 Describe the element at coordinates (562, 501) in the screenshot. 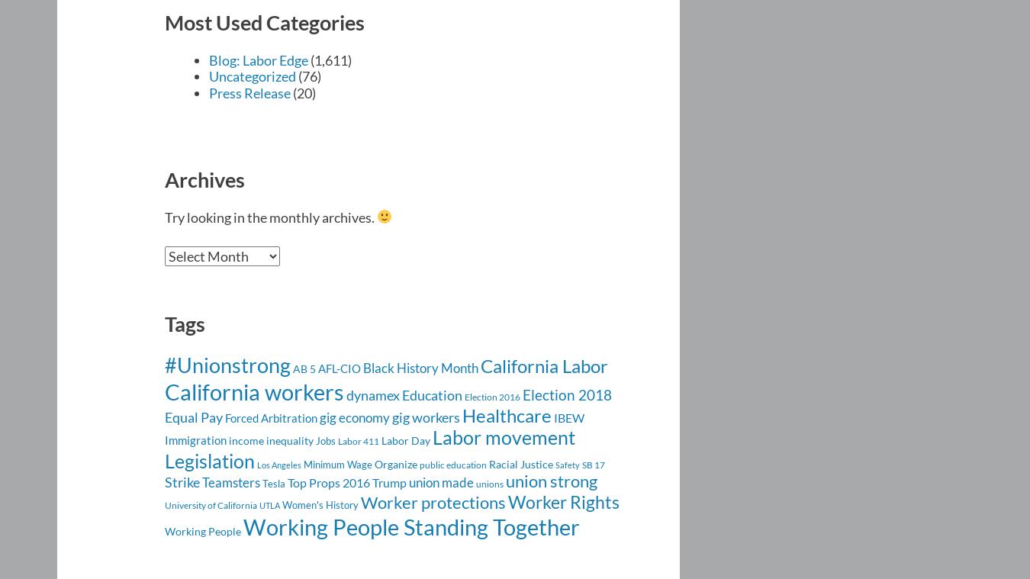

I see `'Worker Rights'` at that location.